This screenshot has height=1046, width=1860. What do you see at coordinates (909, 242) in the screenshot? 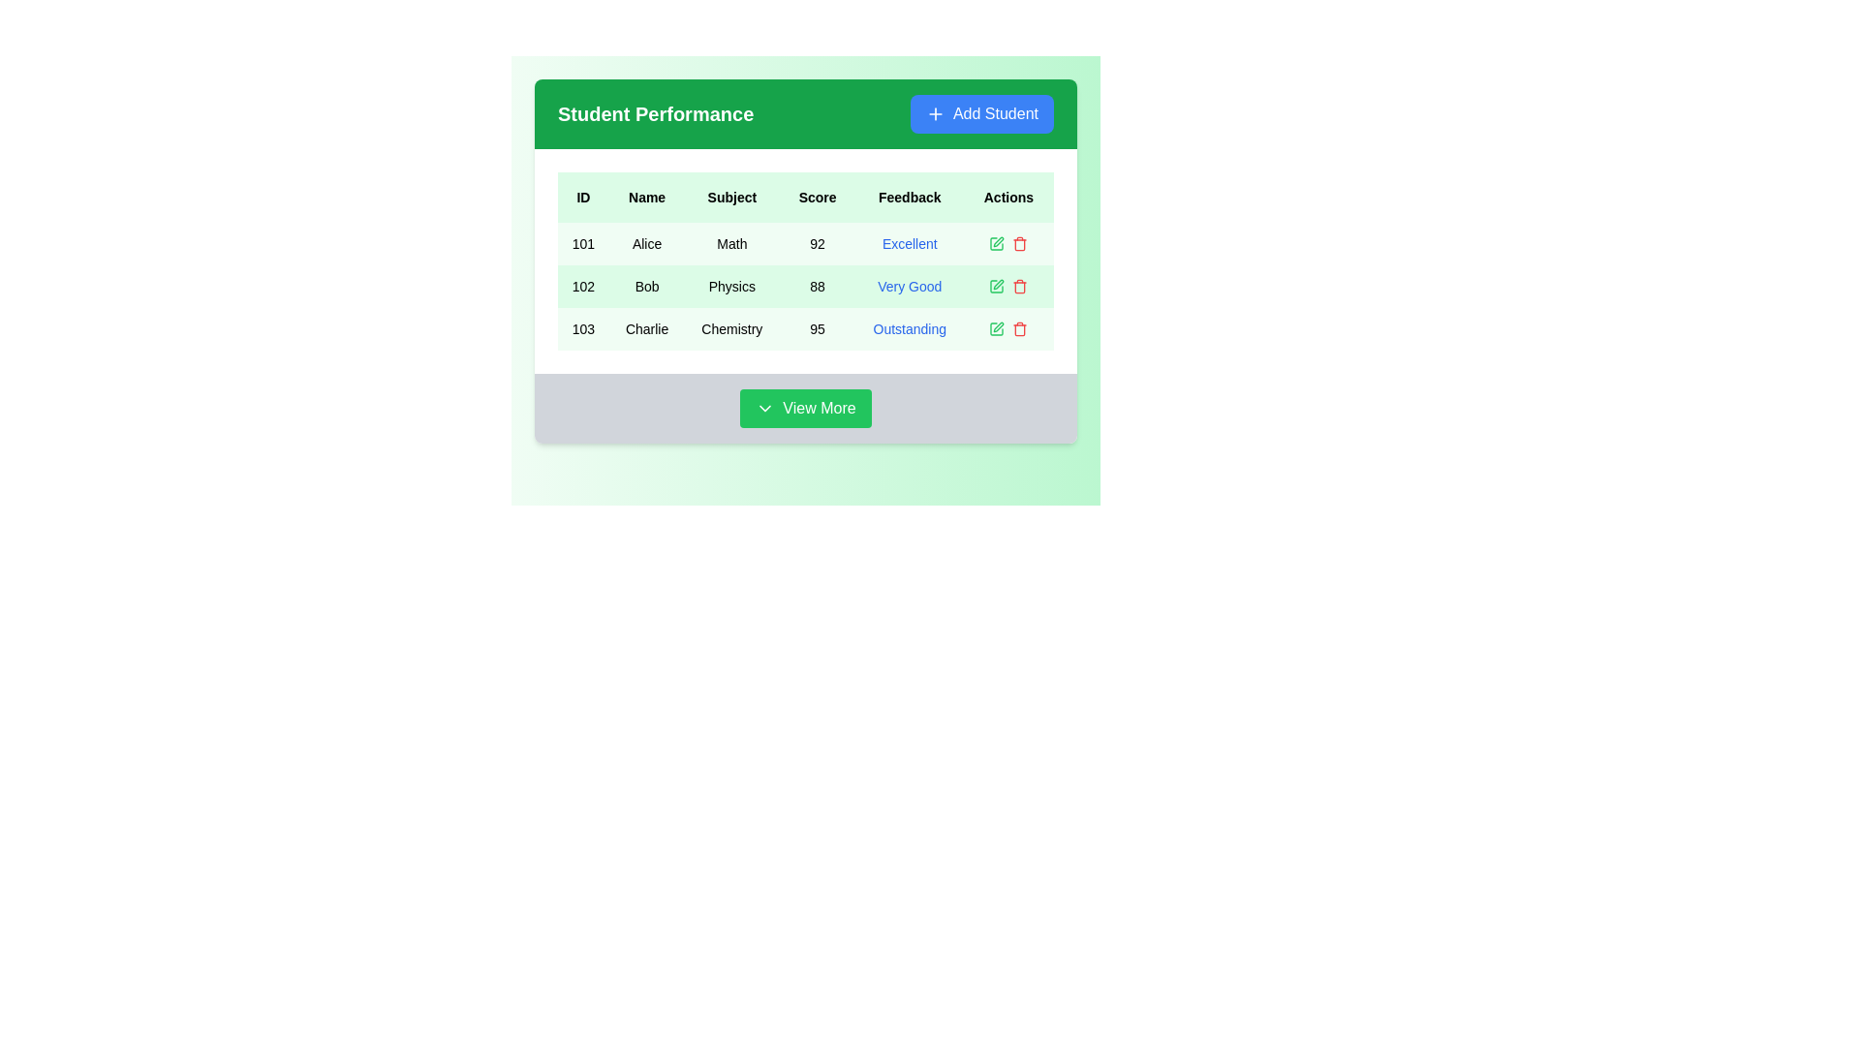
I see `the Text label indicating feedback status for 'Alice' in the first row of the table under the 'Feedback' column` at bounding box center [909, 242].